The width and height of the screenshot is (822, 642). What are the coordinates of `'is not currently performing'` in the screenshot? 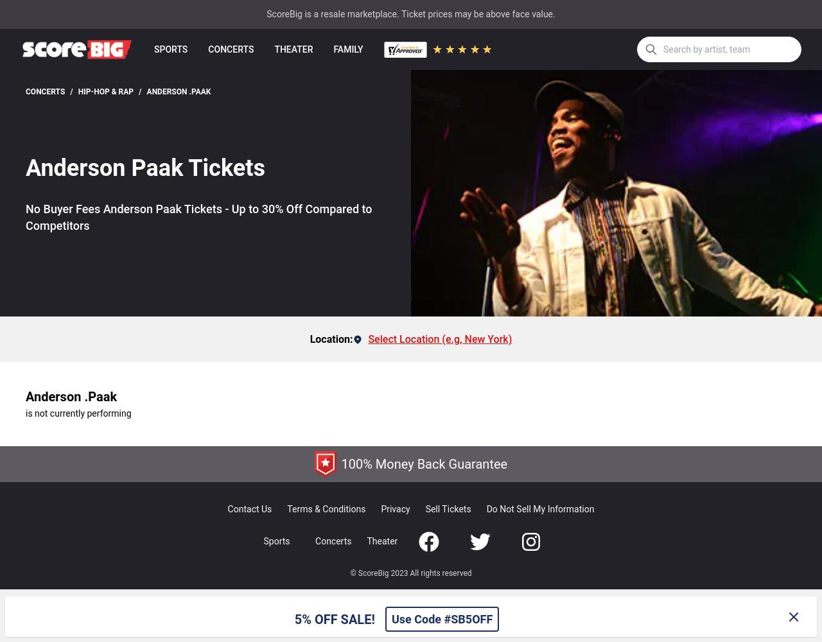 It's located at (25, 413).